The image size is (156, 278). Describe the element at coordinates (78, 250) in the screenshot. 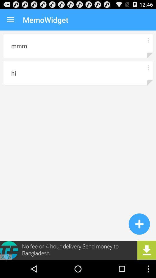

I see `advertisement` at that location.